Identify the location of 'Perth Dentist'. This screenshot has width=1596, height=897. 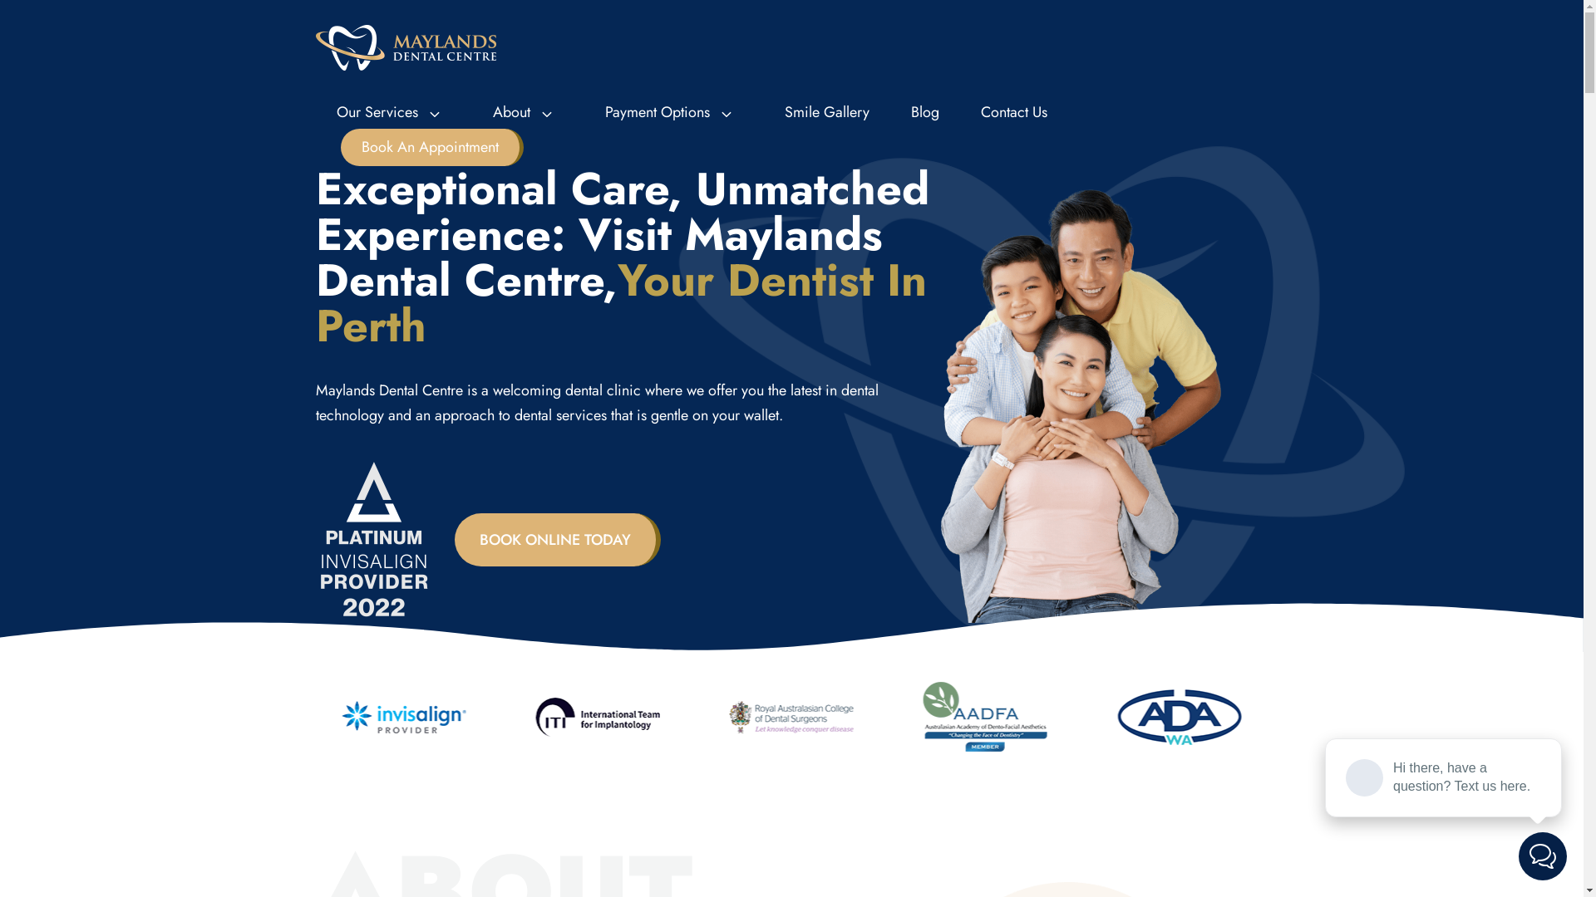
(406, 47).